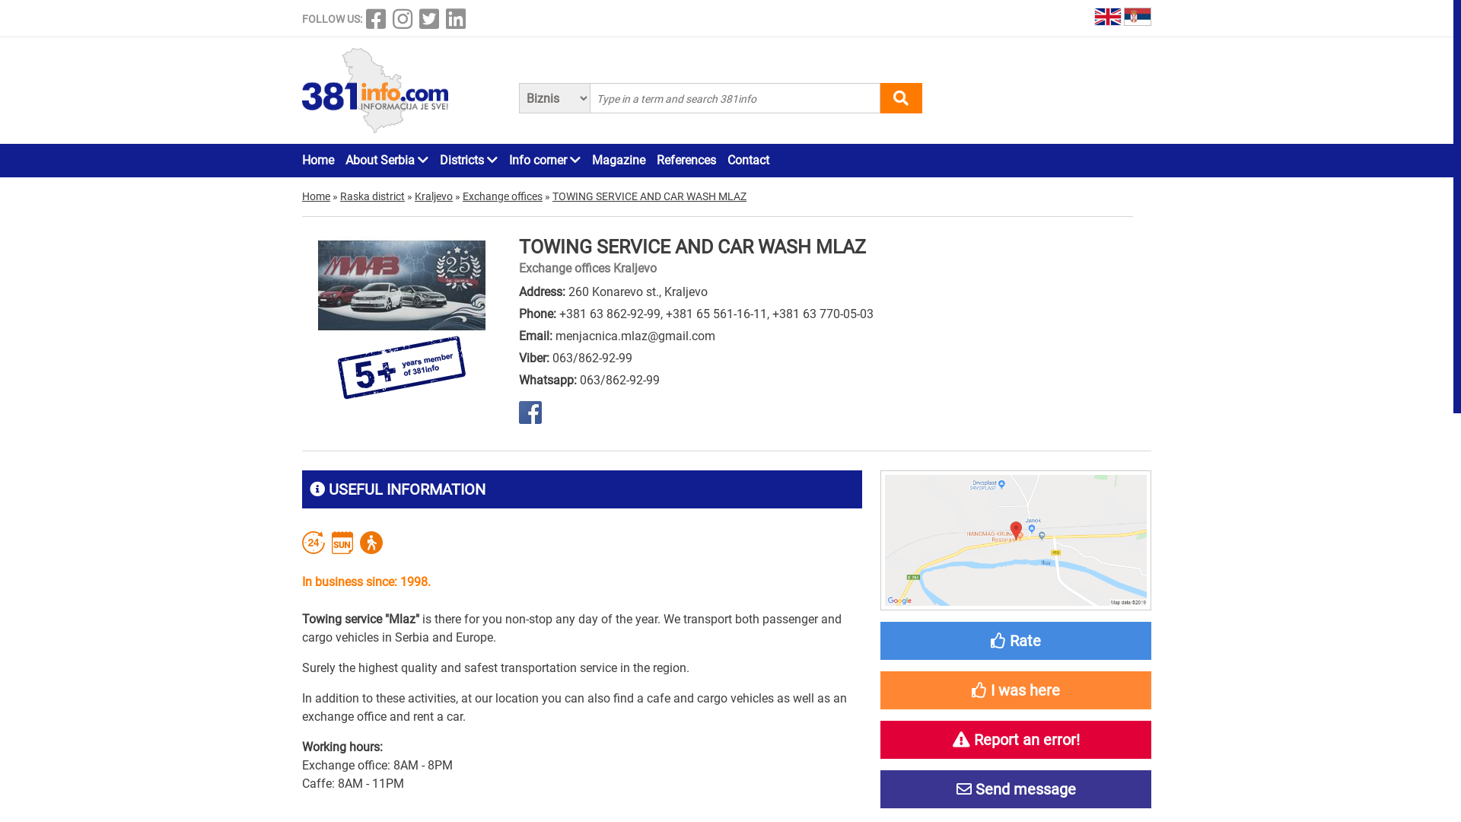  Describe the element at coordinates (433, 196) in the screenshot. I see `'Kraljevo'` at that location.